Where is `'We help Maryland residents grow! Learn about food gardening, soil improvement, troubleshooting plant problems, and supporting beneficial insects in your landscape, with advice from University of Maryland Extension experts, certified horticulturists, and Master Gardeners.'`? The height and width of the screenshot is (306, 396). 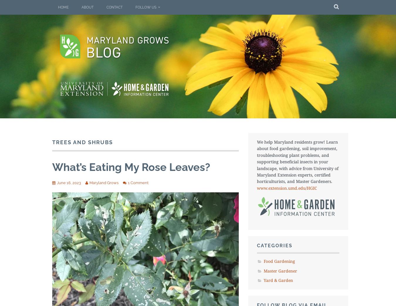
'We help Maryland residents grow! Learn about food gardening, soil improvement, troubleshooting plant problems, and supporting beneficial insects in your landscape, with advice from University of Maryland Extension experts, certified horticulturists, and Master Gardeners.' is located at coordinates (256, 161).